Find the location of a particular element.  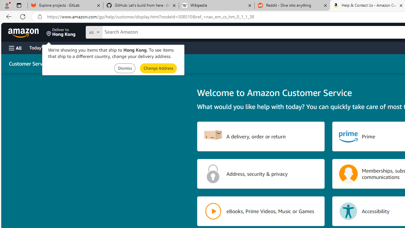

'Address, security & privacy' is located at coordinates (261, 174).